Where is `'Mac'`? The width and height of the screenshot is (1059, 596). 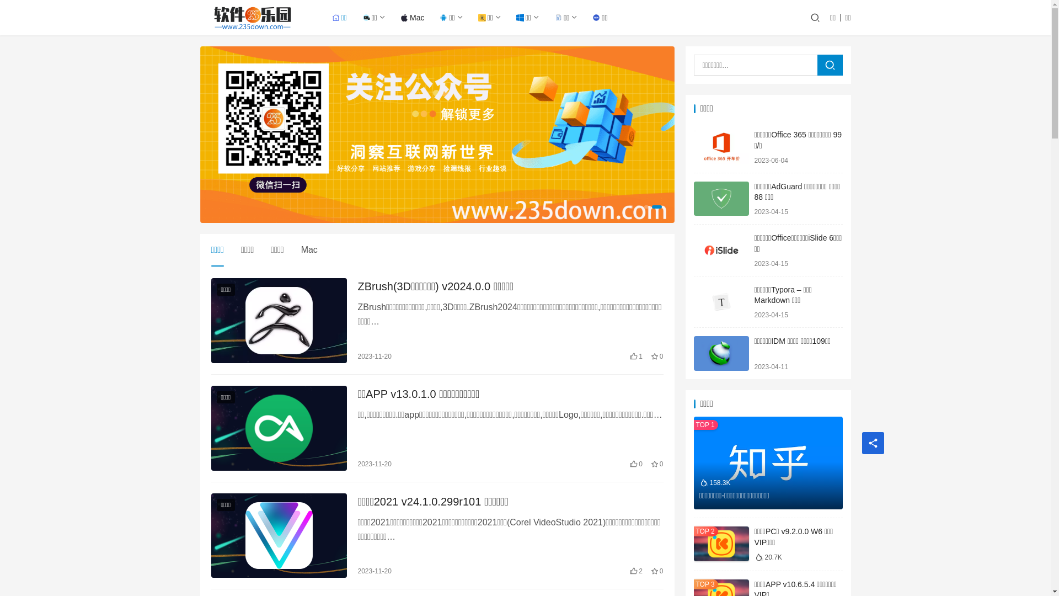 'Mac' is located at coordinates (411, 17).